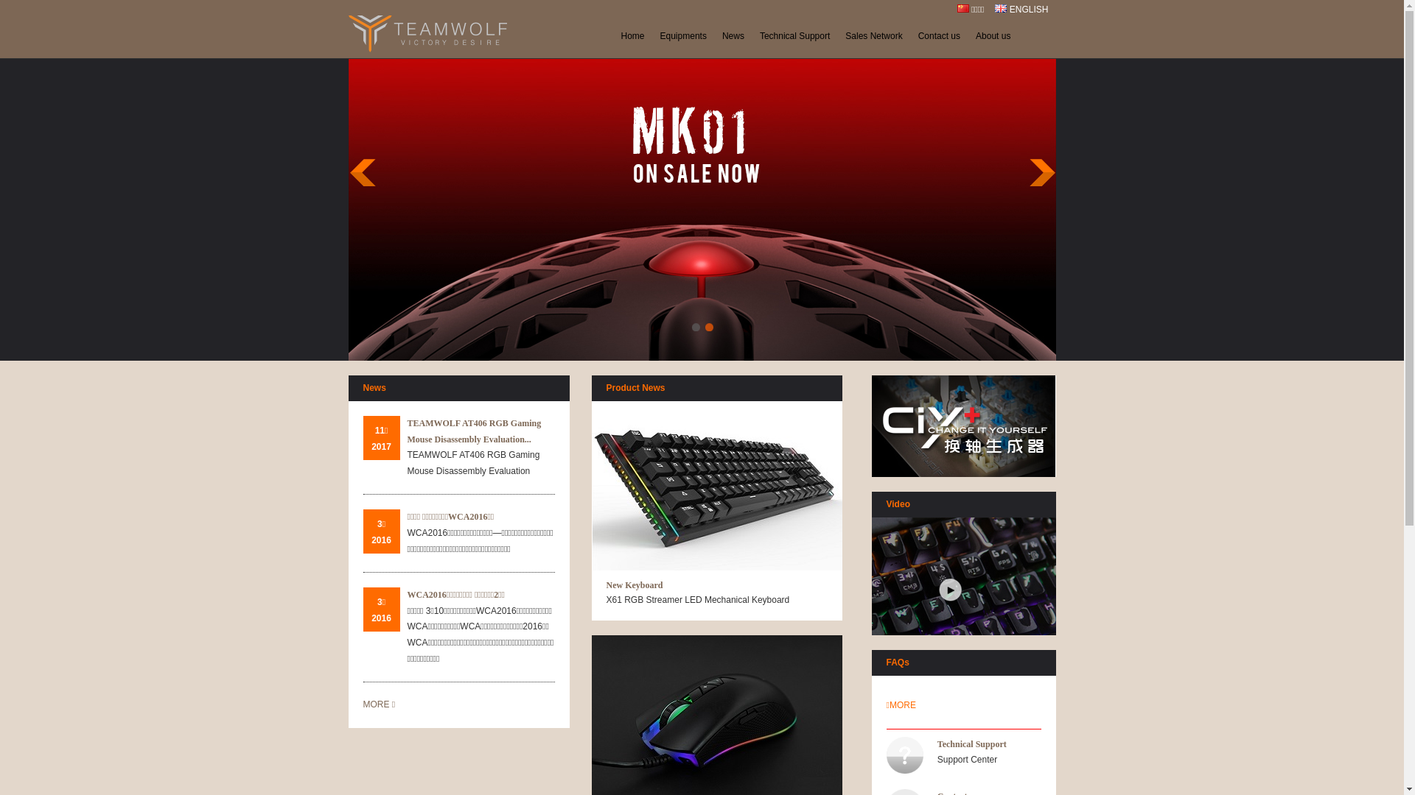 The height and width of the screenshot is (795, 1415). Describe the element at coordinates (407, 431) in the screenshot. I see `'TEAMWOLF AT406 RGB Gaming Mouse Disassembly Evaluation...'` at that location.